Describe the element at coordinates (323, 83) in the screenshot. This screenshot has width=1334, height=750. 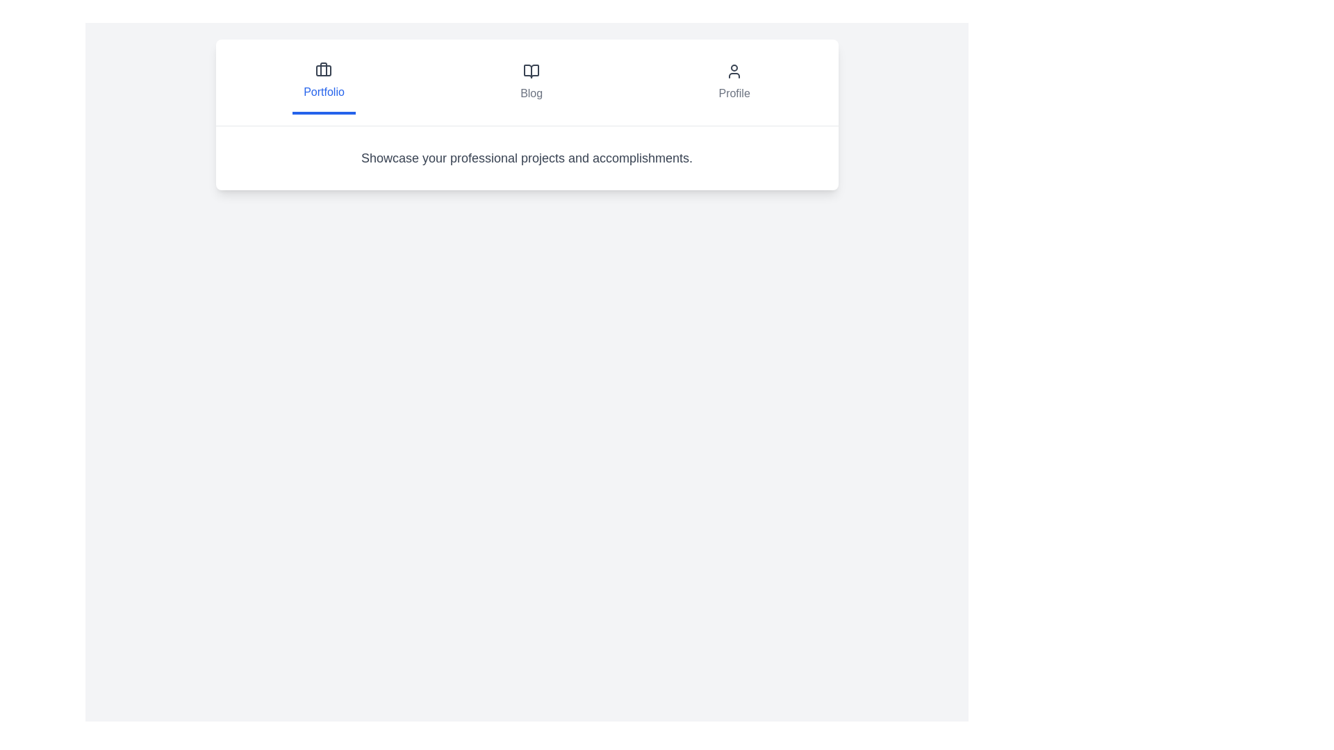
I see `the tab labeled Portfolio to view its content` at that location.